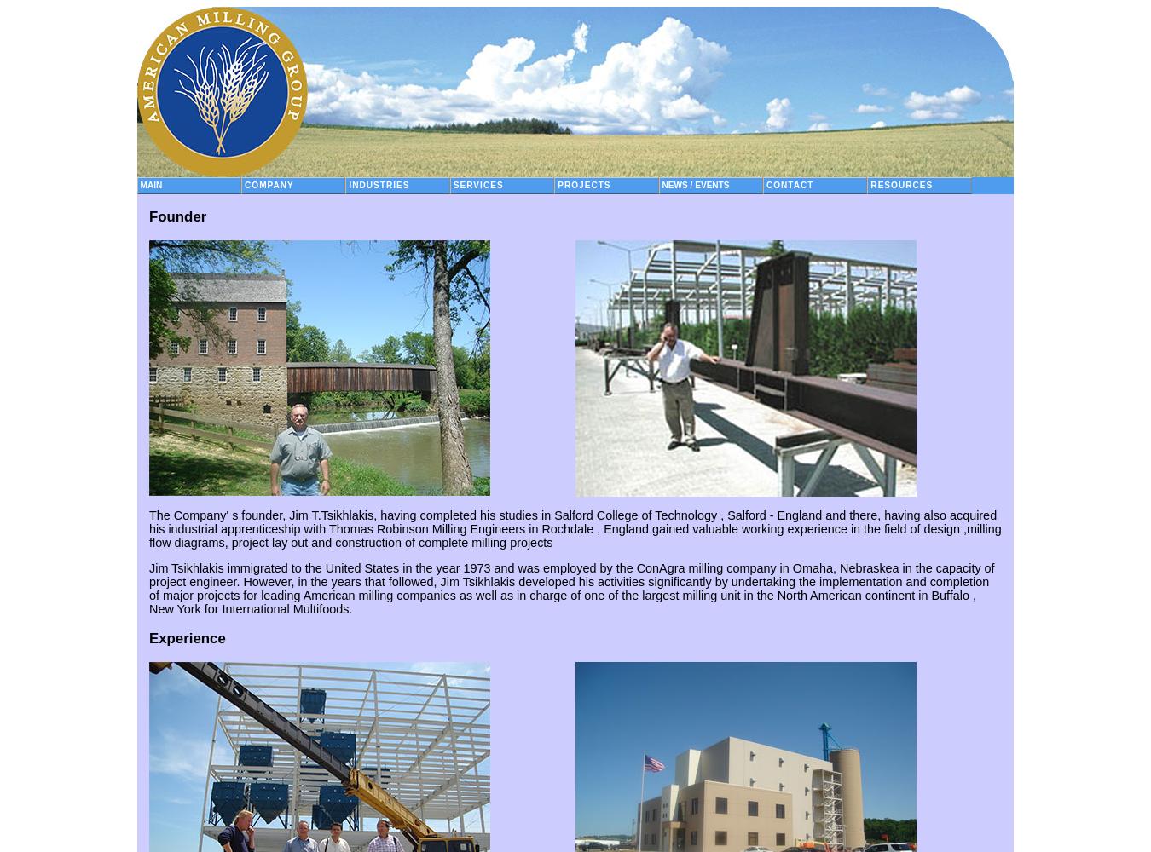 The width and height of the screenshot is (1151, 852). I want to click on 'News / Events', so click(695, 184).